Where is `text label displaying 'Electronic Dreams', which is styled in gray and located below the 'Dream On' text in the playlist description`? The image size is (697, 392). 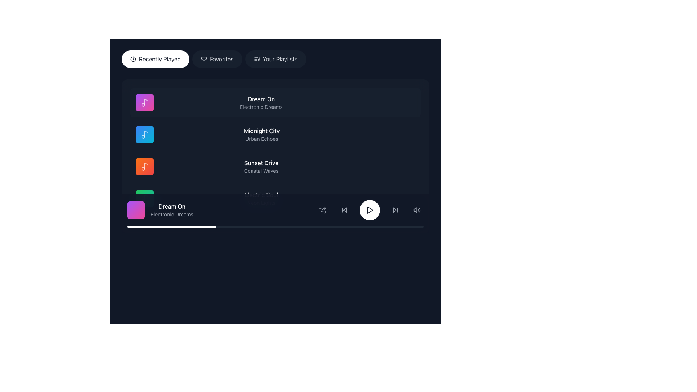
text label displaying 'Electronic Dreams', which is styled in gray and located below the 'Dream On' text in the playlist description is located at coordinates (171, 214).